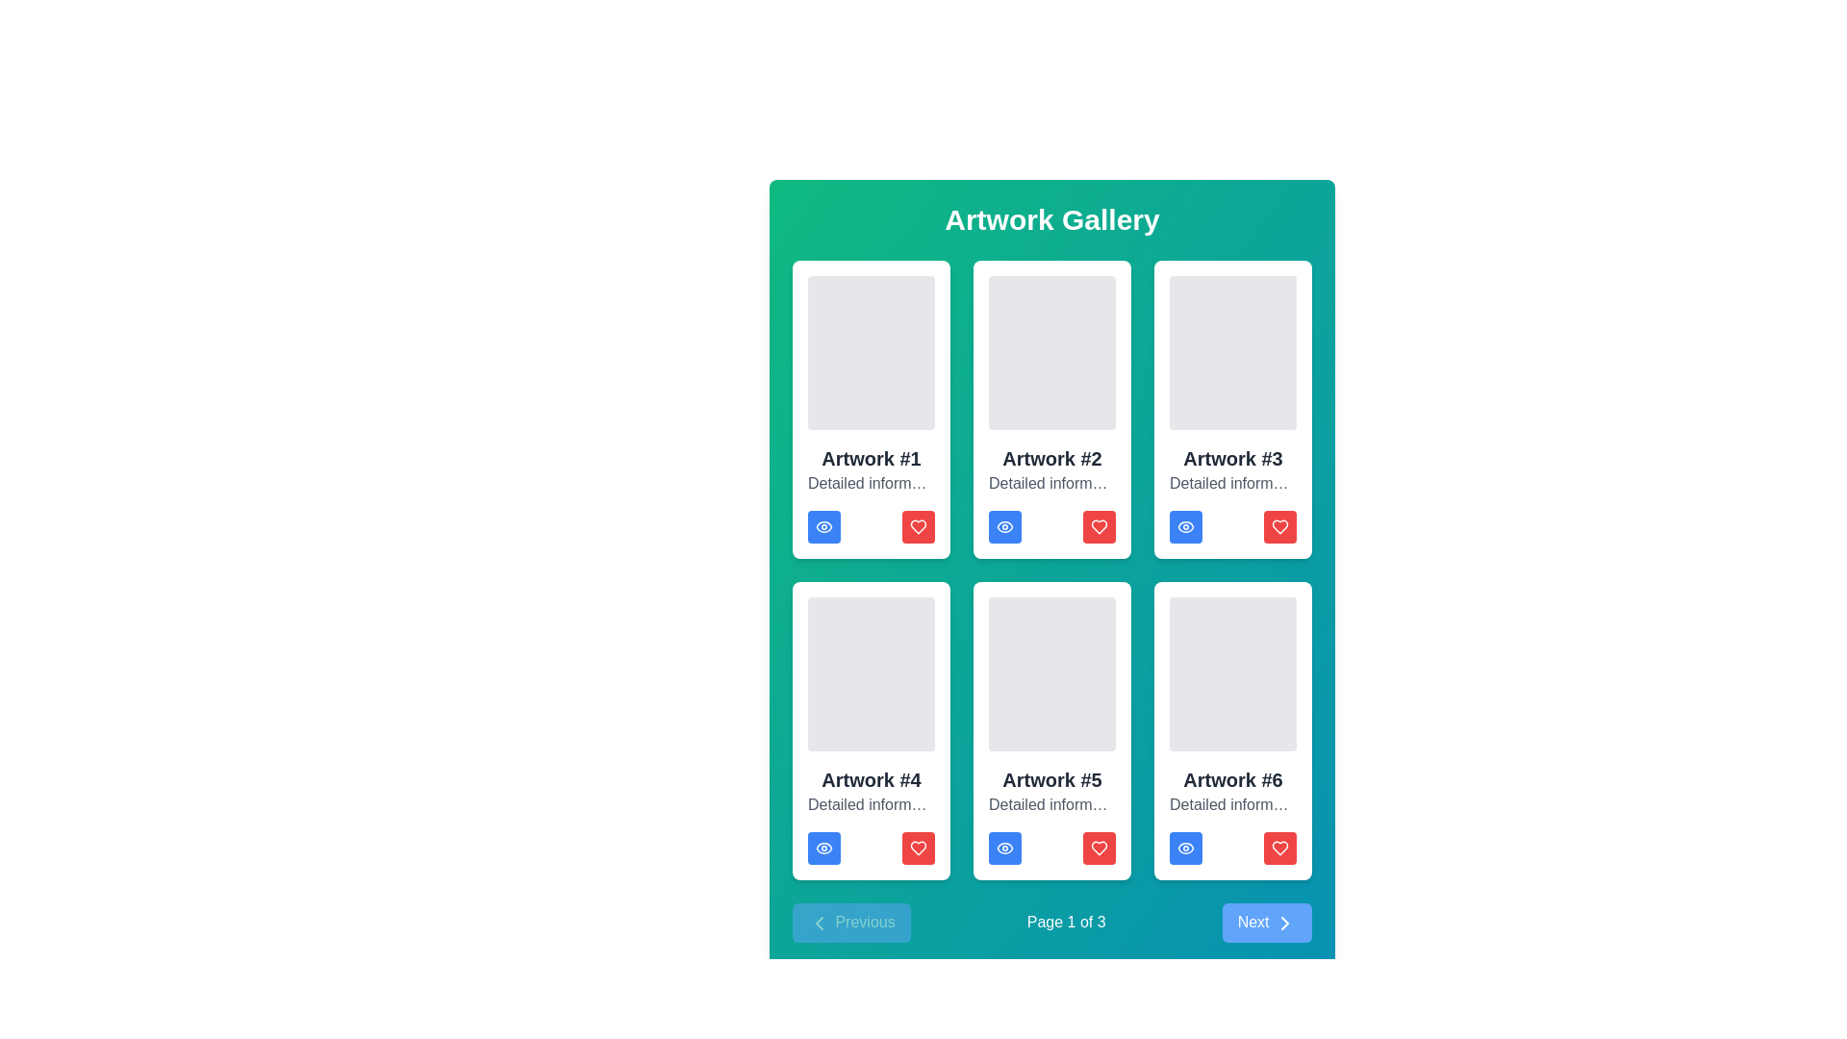  I want to click on the heart icon button located at the bottom-right of the card element in the second row and middle column of the grid layout, so click(1099, 848).